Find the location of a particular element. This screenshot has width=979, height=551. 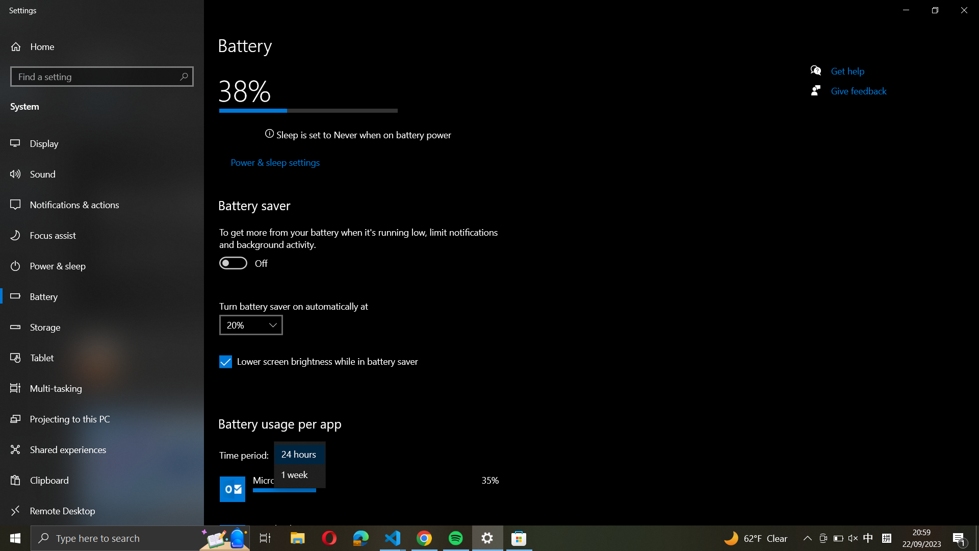

Use the left sidebar to open "Project to this PC" settings is located at coordinates (102, 420).